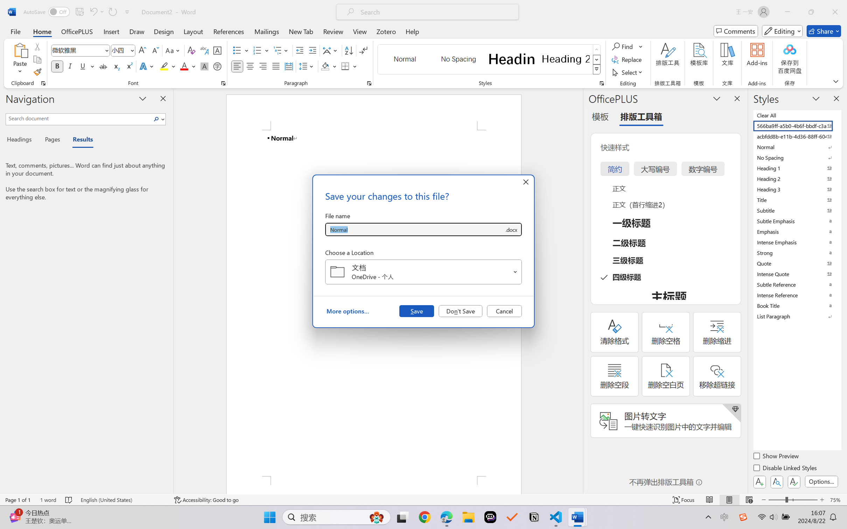 This screenshot has height=529, width=847. What do you see at coordinates (627, 46) in the screenshot?
I see `'Find'` at bounding box center [627, 46].